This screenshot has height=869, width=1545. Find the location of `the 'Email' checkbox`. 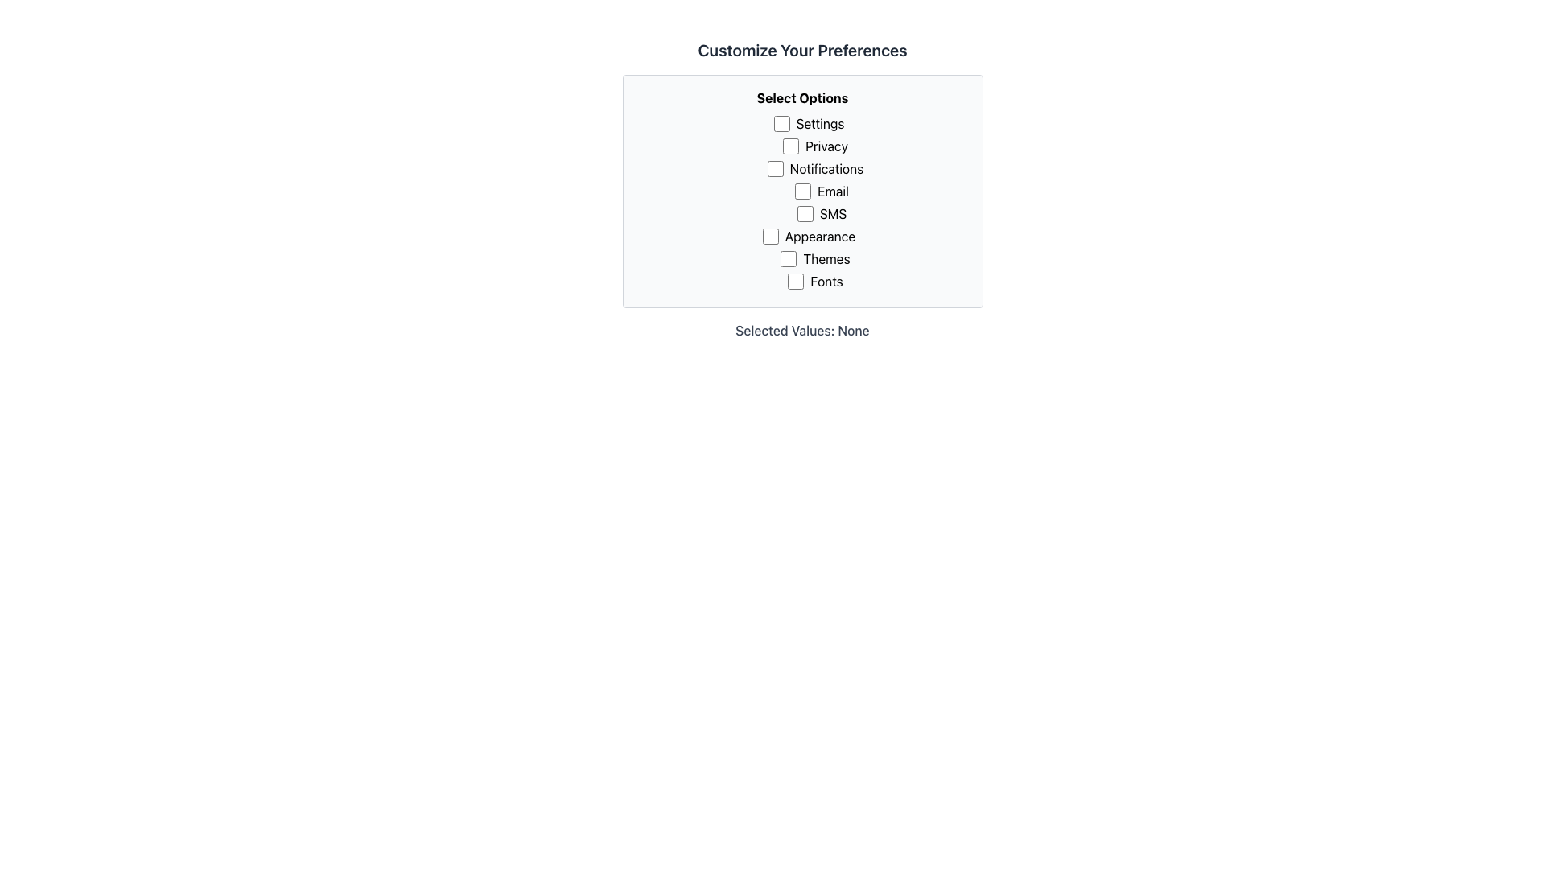

the 'Email' checkbox is located at coordinates (803, 191).